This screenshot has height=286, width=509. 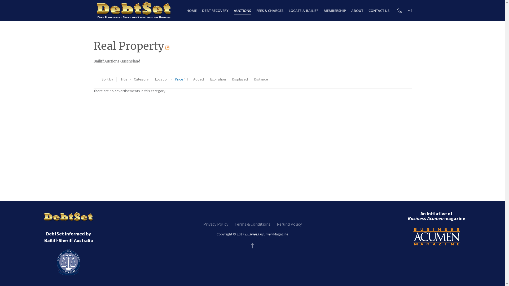 I want to click on 'Bailiff Auctions Queensland', so click(x=116, y=61).